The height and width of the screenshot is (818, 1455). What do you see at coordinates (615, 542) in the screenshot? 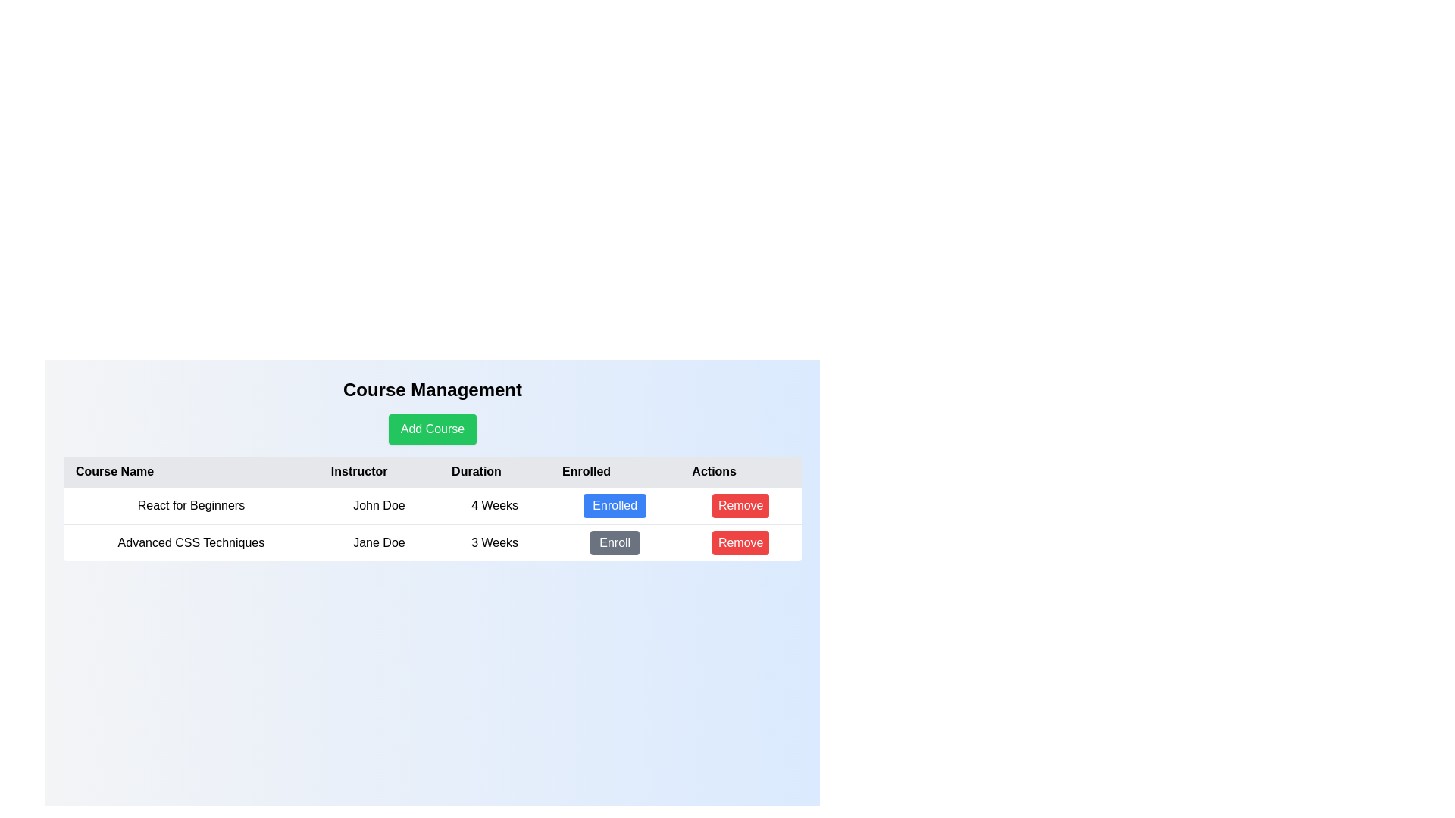
I see `the enrollment button located in the fourth column of the second row of the table` at bounding box center [615, 542].